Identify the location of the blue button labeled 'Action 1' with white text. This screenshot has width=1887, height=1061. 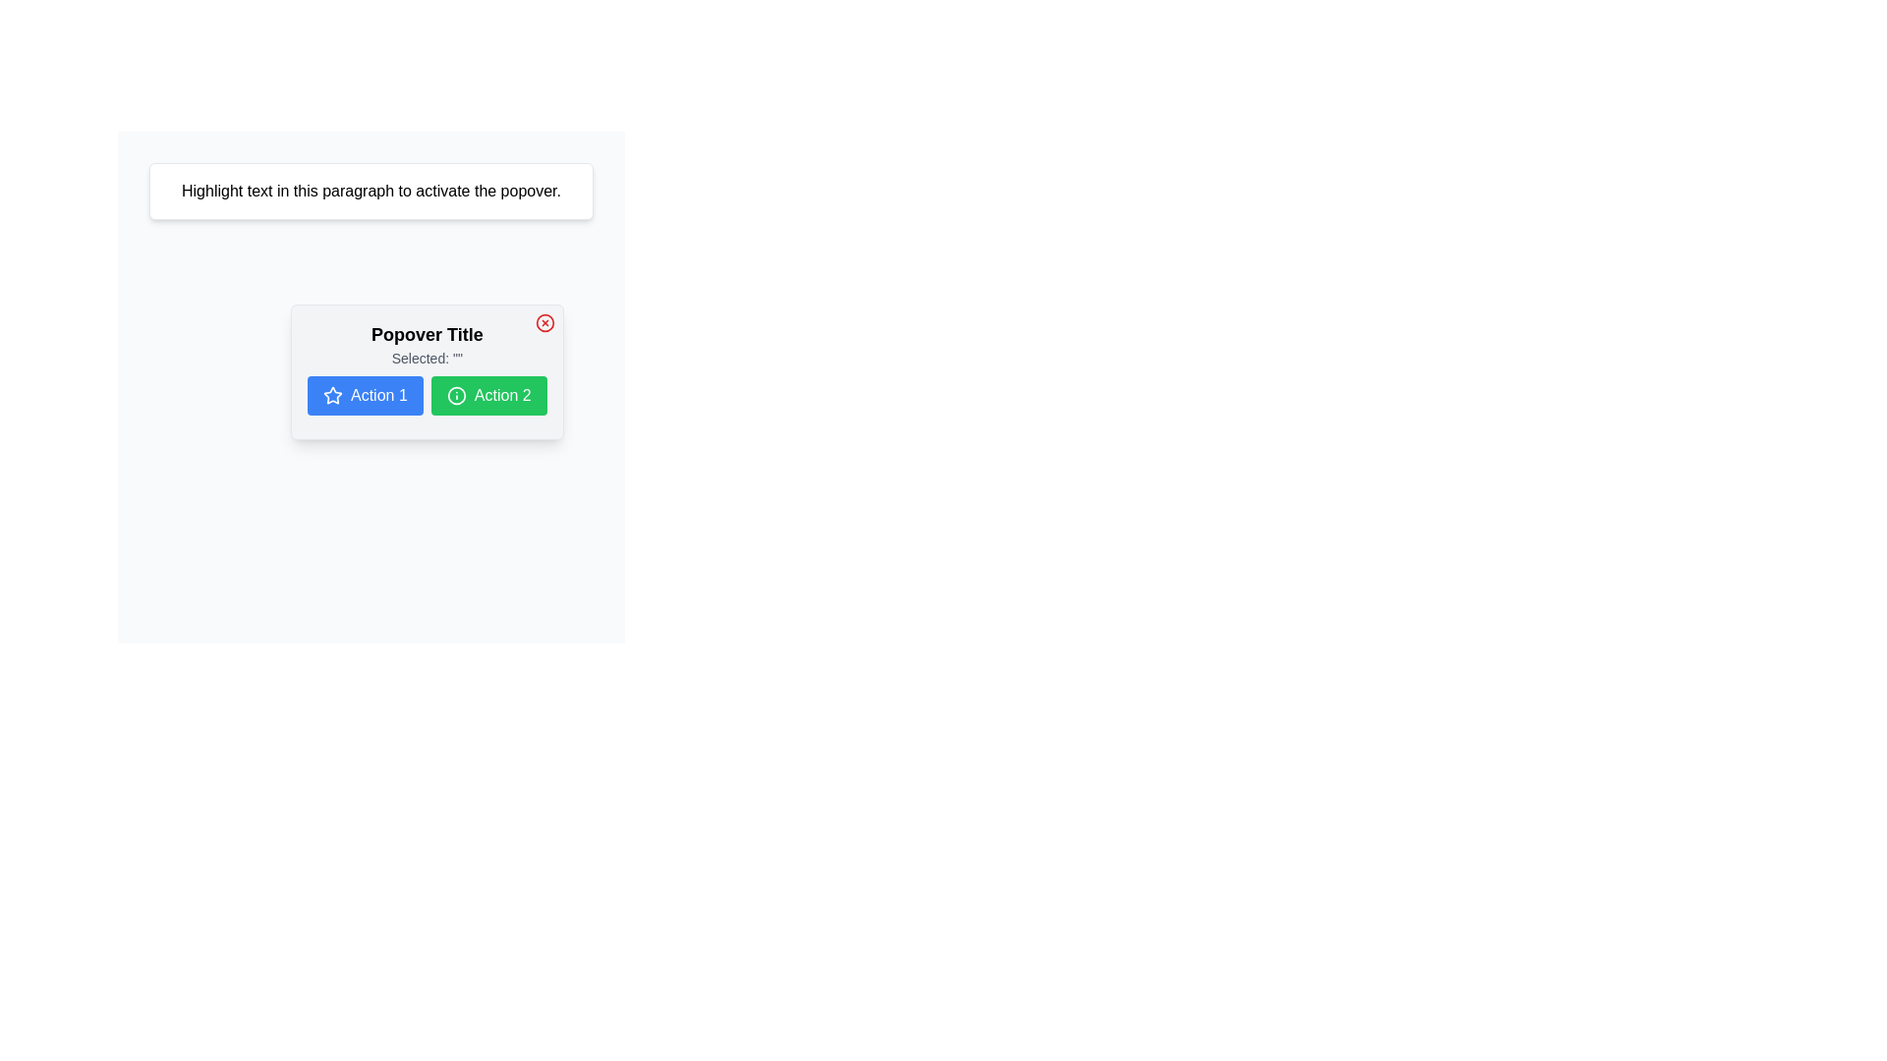
(365, 395).